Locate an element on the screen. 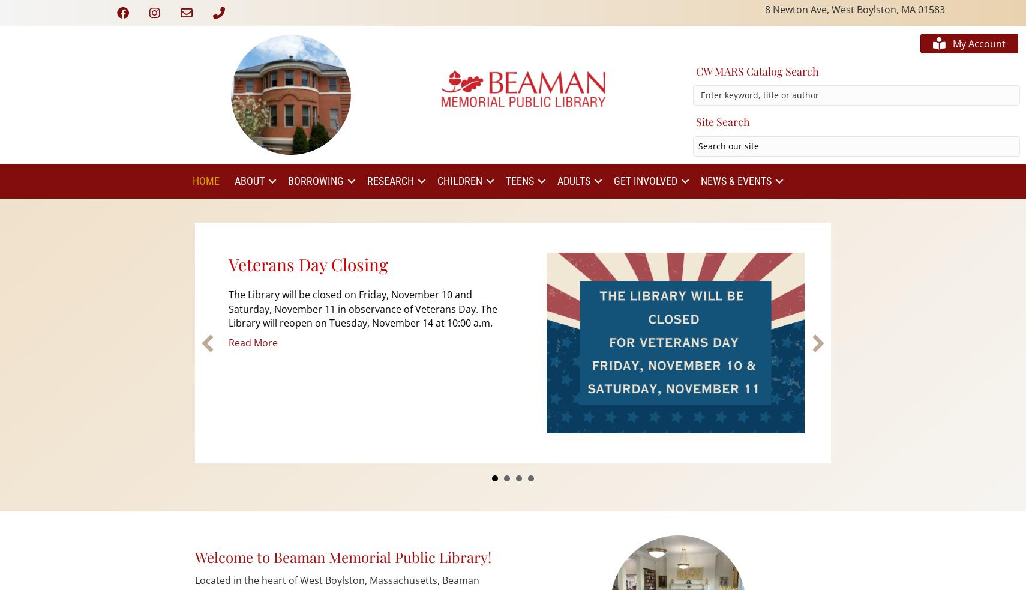  'Adults' is located at coordinates (573, 181).